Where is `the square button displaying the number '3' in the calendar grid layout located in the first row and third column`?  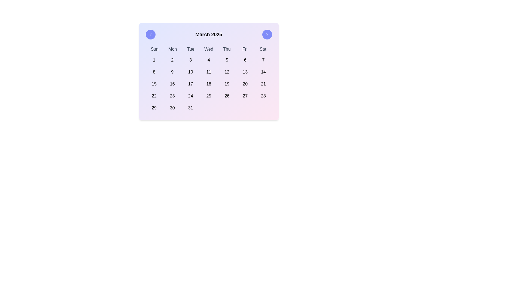 the square button displaying the number '3' in the calendar grid layout located in the first row and third column is located at coordinates (190, 60).